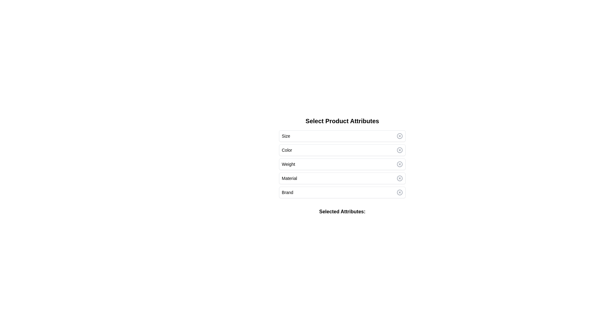 This screenshot has width=590, height=331. What do you see at coordinates (342, 135) in the screenshot?
I see `the attribute Size by clicking its row` at bounding box center [342, 135].